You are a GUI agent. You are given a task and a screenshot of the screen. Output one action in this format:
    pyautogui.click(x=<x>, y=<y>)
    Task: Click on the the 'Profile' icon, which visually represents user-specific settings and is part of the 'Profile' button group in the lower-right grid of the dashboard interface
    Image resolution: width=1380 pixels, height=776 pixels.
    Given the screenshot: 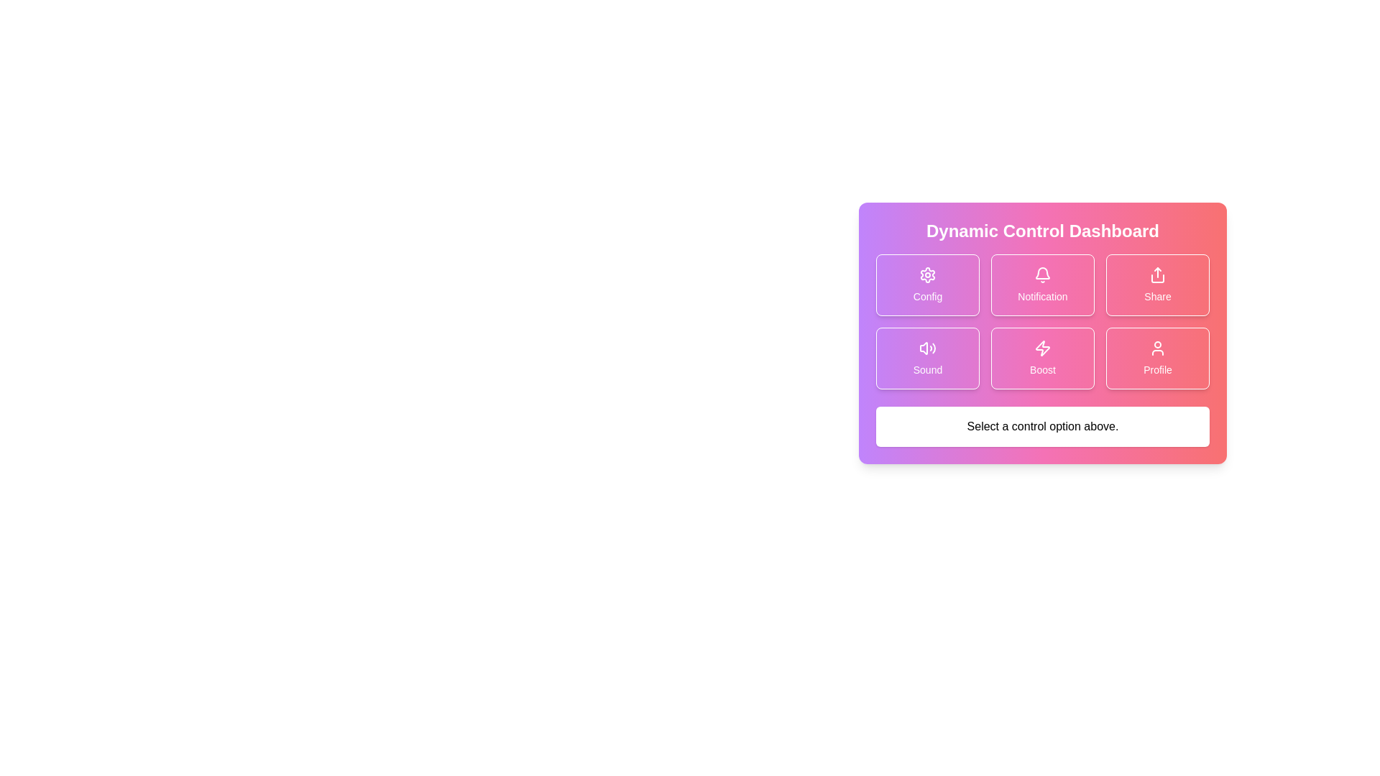 What is the action you would take?
    pyautogui.click(x=1158, y=348)
    